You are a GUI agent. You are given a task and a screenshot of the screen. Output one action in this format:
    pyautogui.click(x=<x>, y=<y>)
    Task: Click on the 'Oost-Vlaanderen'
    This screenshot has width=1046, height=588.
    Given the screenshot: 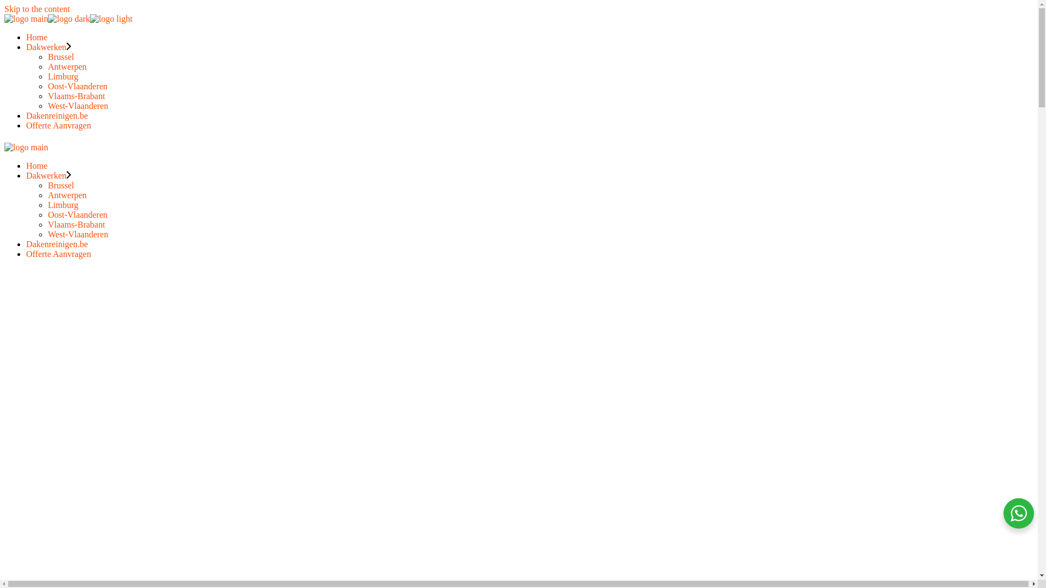 What is the action you would take?
    pyautogui.click(x=47, y=215)
    